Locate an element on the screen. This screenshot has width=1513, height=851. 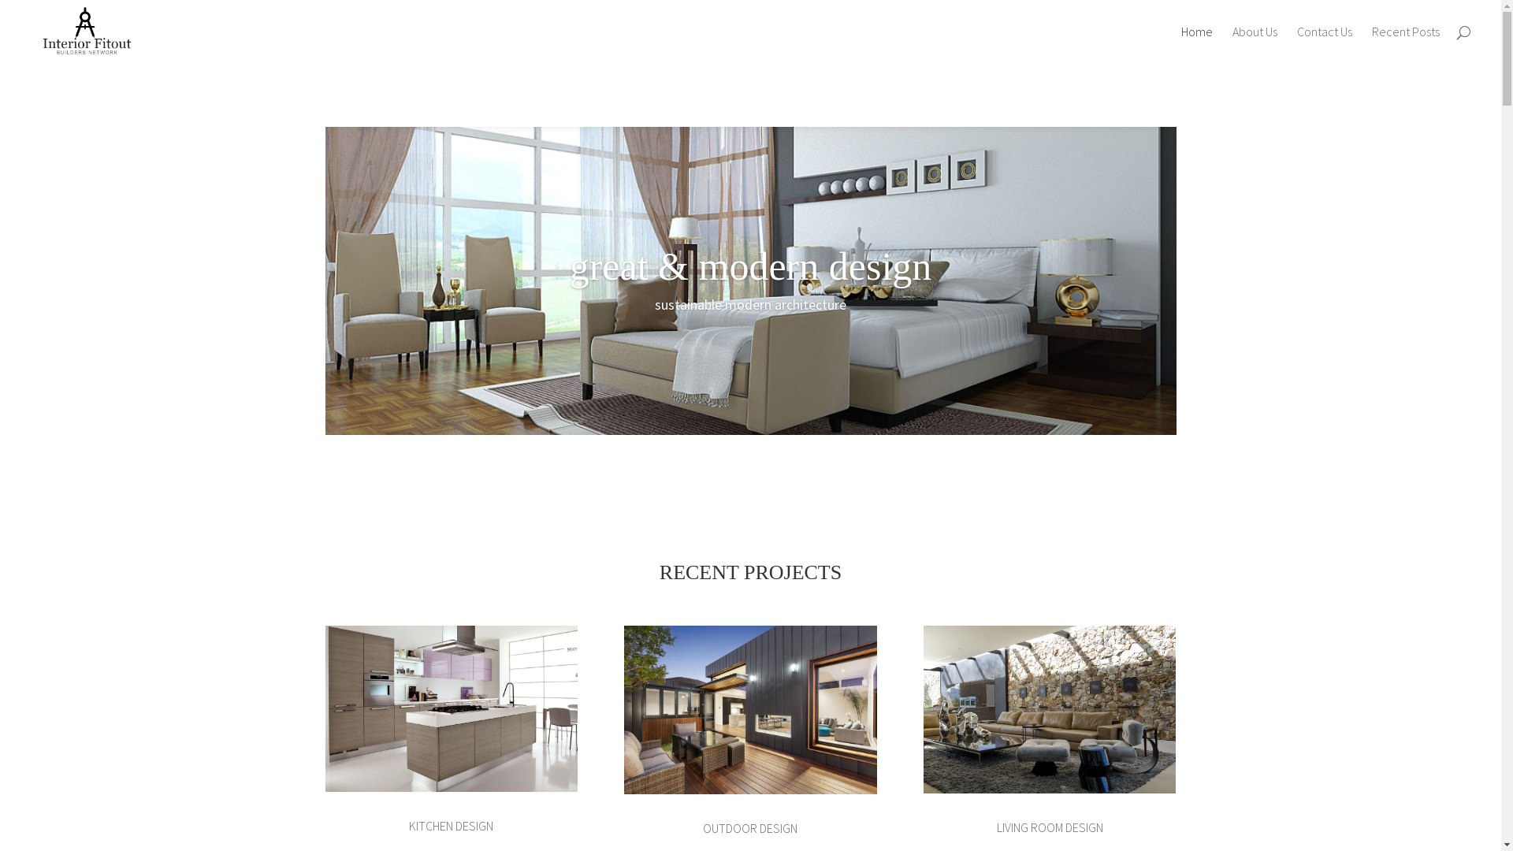
'Recent Posts' is located at coordinates (1406, 43).